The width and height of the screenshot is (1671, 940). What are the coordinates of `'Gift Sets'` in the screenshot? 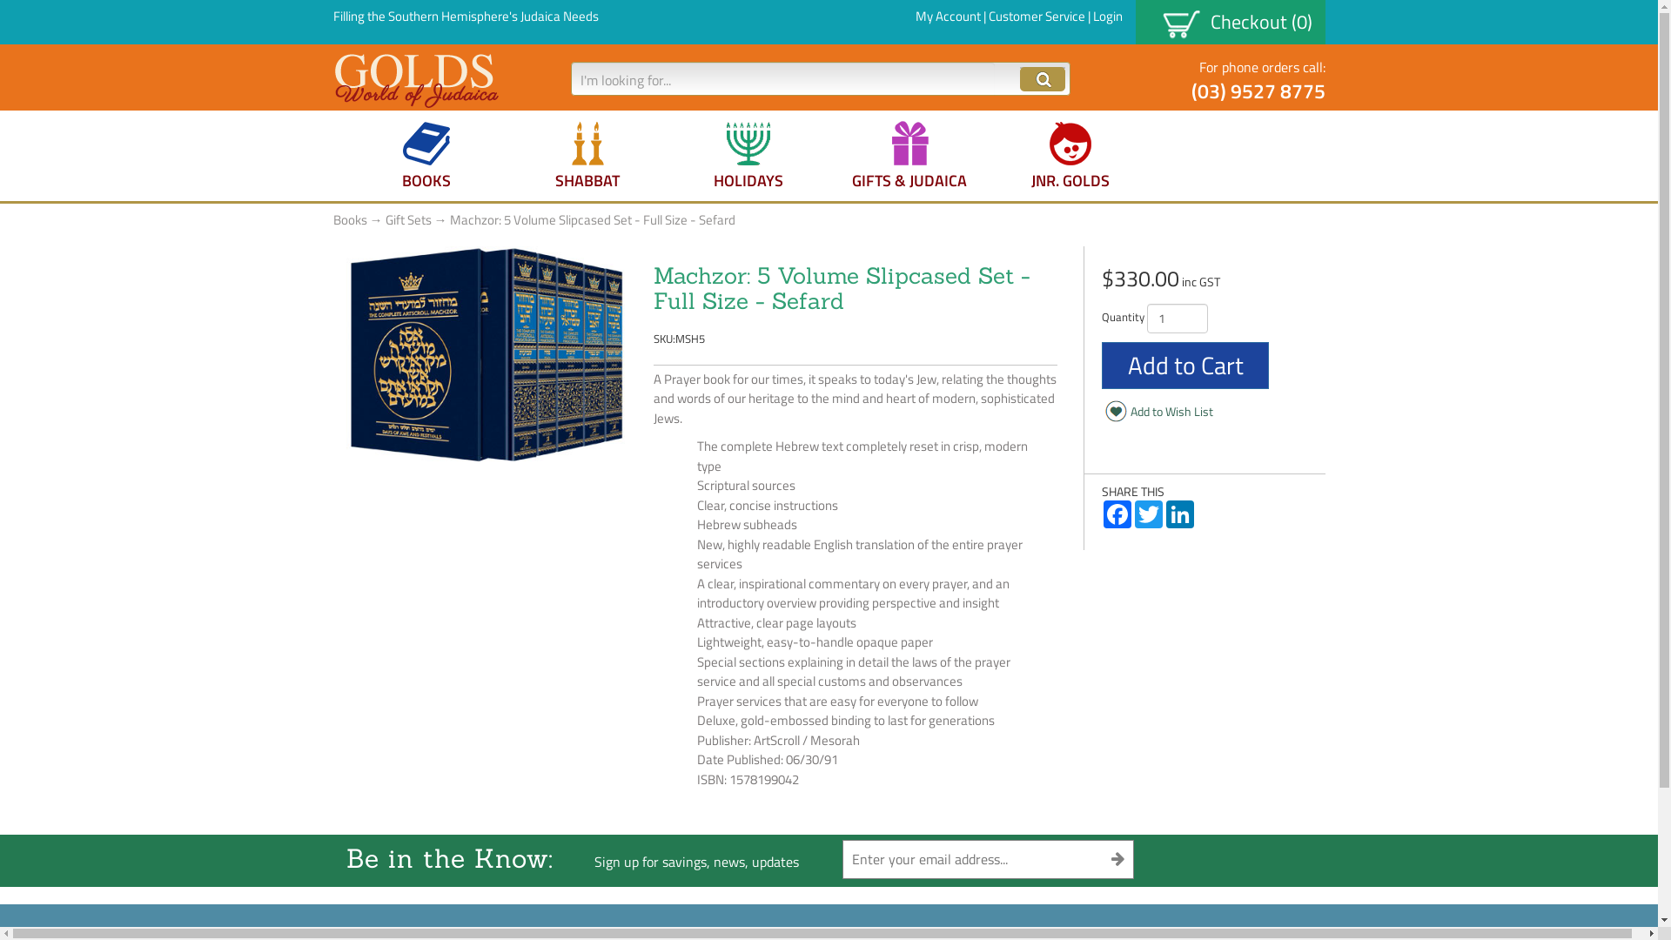 It's located at (406, 218).